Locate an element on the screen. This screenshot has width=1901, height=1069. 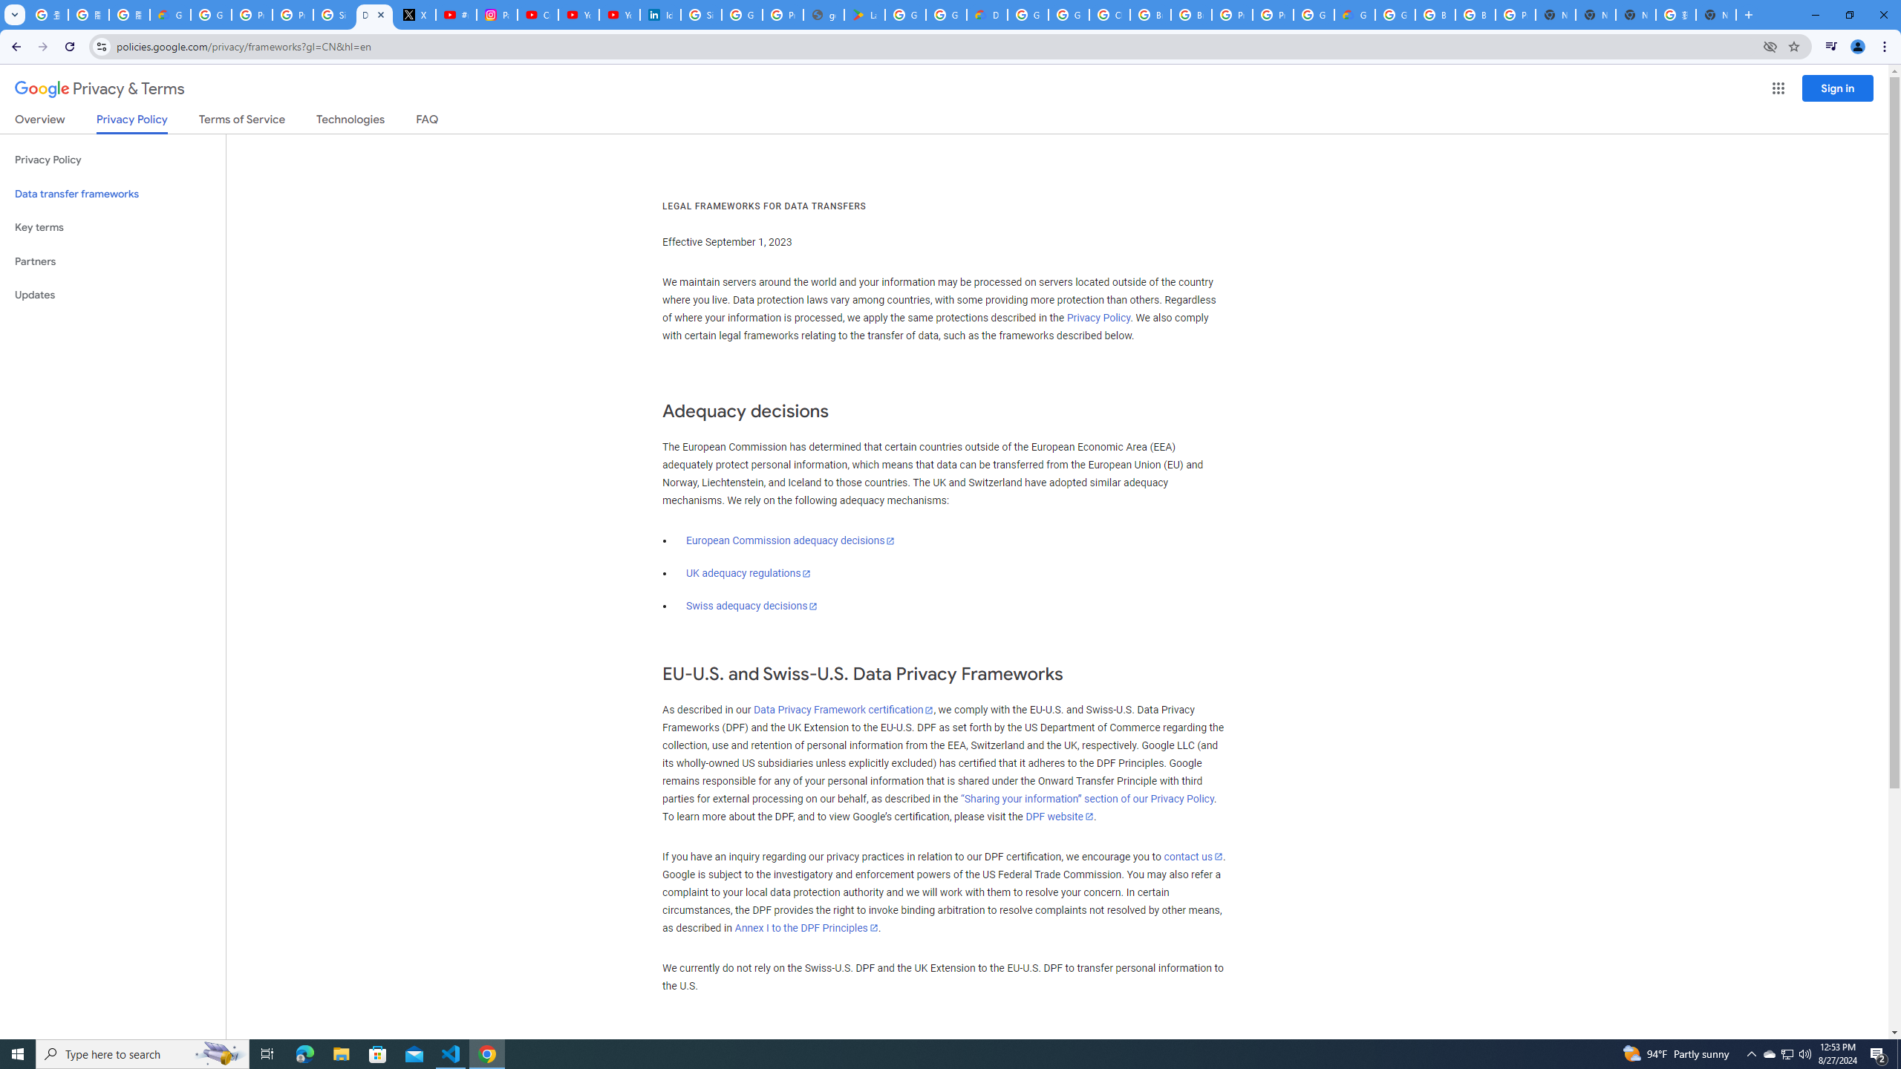
'X' is located at coordinates (414, 14).